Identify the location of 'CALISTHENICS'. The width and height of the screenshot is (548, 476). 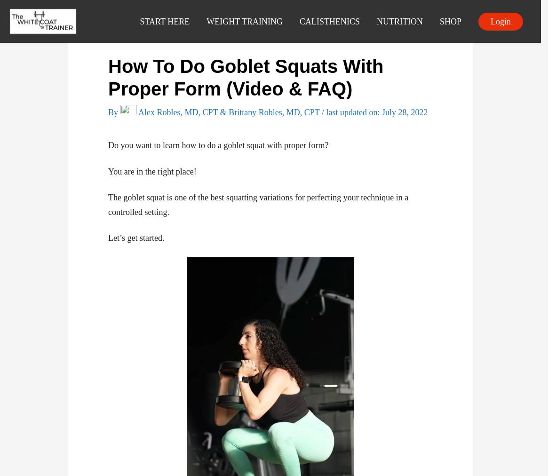
(329, 21).